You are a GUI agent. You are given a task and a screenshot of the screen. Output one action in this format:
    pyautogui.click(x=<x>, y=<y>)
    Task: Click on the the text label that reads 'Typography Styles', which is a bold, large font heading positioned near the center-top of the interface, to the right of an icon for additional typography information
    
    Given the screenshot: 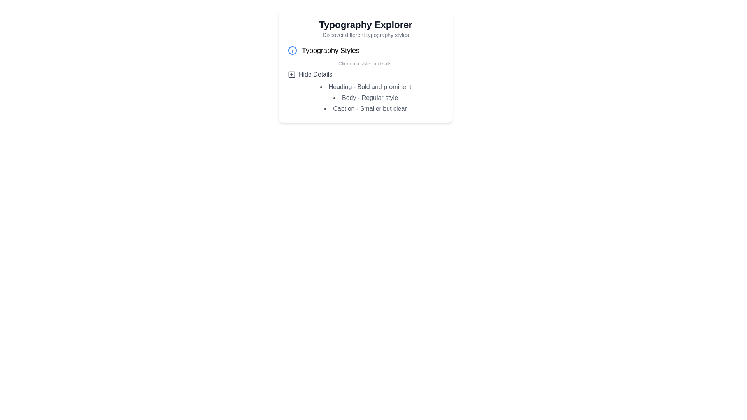 What is the action you would take?
    pyautogui.click(x=330, y=51)
    